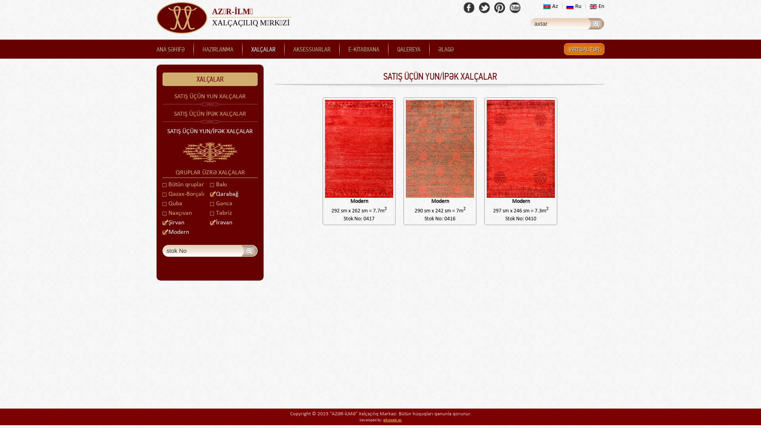  I want to click on 'Modern', so click(484, 161).